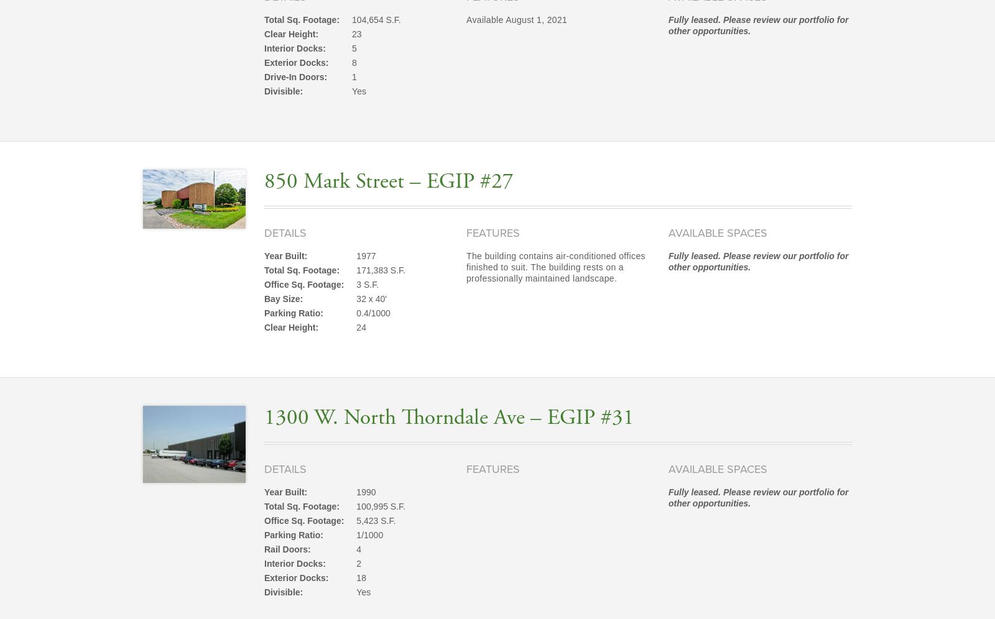  Describe the element at coordinates (516, 19) in the screenshot. I see `'Available August 1, 2021'` at that location.